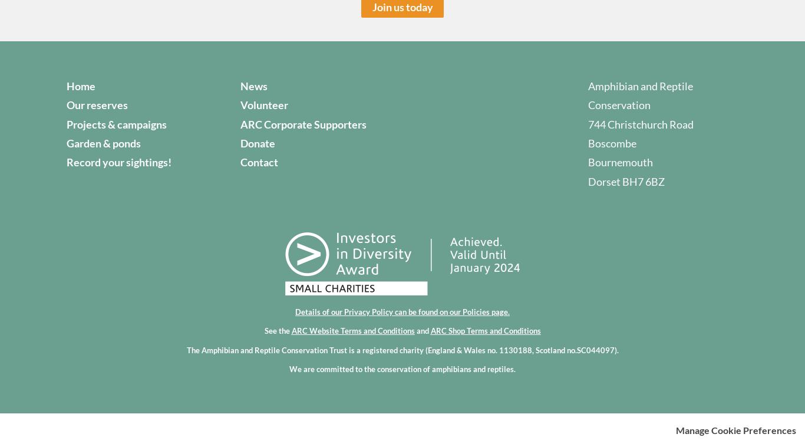  Describe the element at coordinates (303, 123) in the screenshot. I see `'ARC Corporate Supporters'` at that location.